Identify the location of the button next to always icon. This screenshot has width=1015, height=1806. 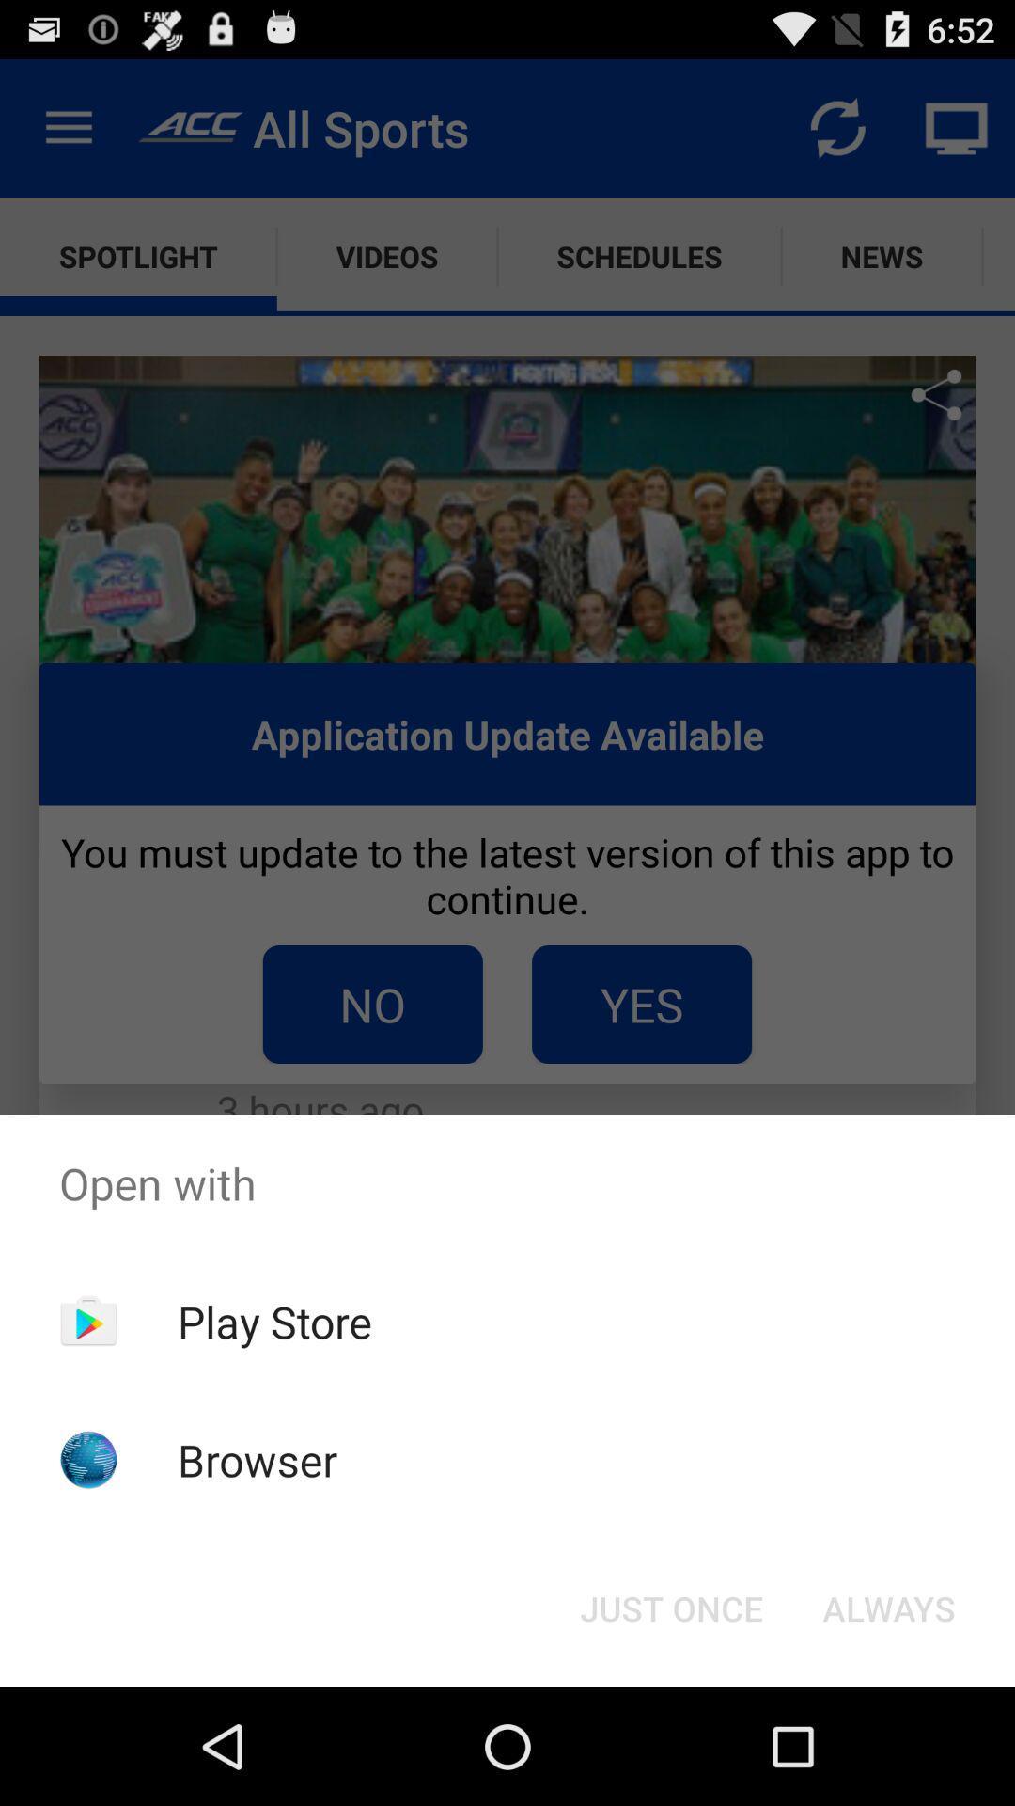
(670, 1607).